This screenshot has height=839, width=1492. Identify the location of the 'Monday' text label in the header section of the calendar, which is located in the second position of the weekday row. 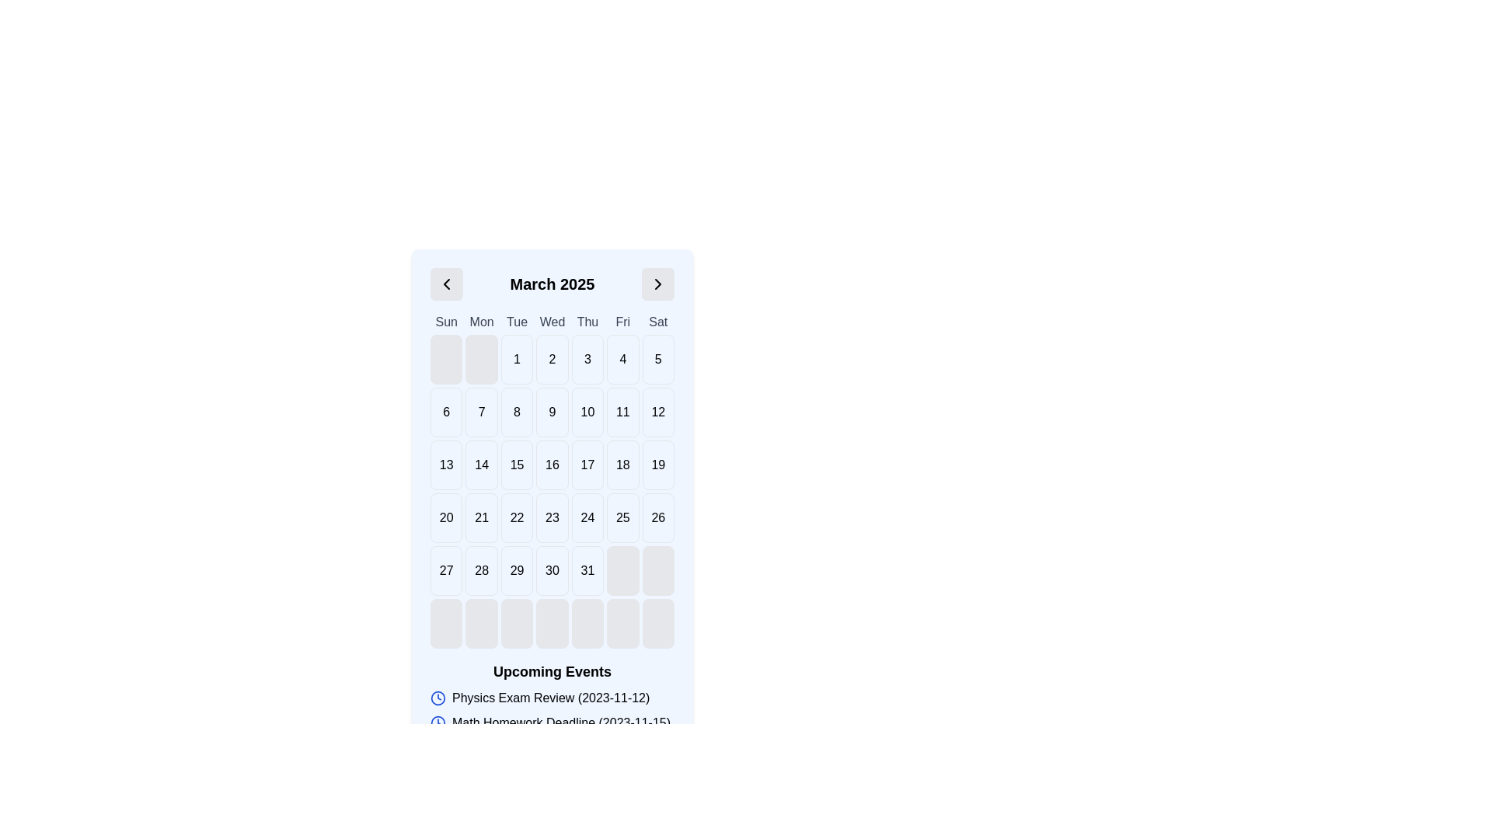
(481, 322).